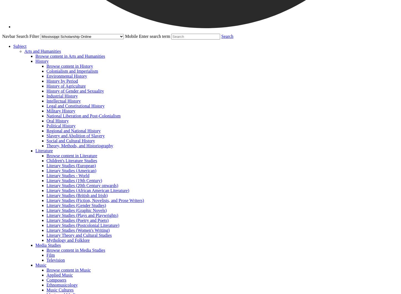  What do you see at coordinates (82, 185) in the screenshot?
I see `'Literary Studies (20th Century onwards)'` at bounding box center [82, 185].